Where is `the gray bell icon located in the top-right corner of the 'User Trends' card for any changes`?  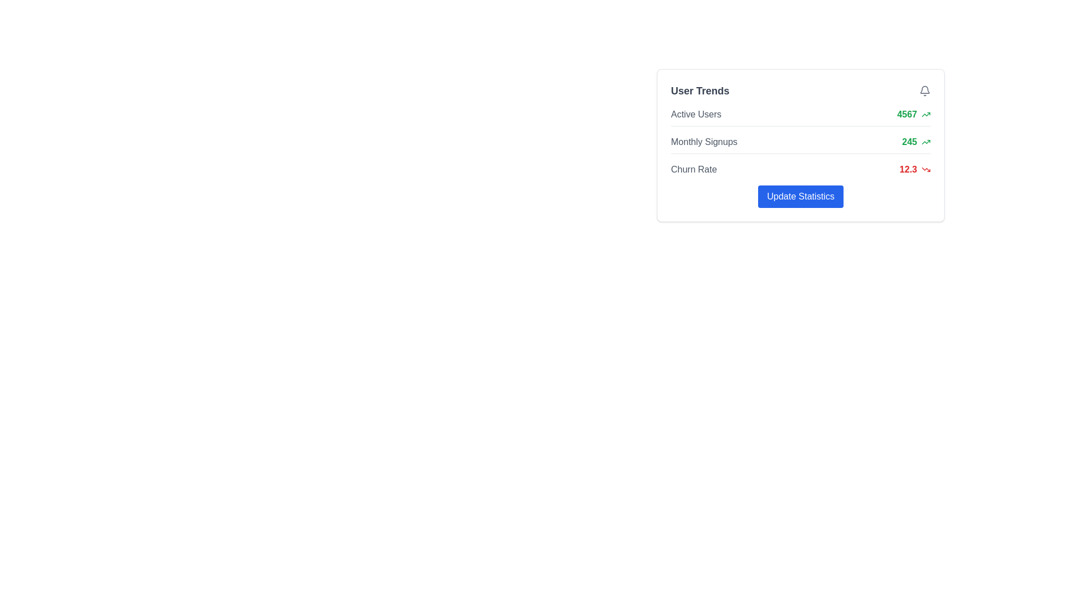
the gray bell icon located in the top-right corner of the 'User Trends' card for any changes is located at coordinates (925, 90).